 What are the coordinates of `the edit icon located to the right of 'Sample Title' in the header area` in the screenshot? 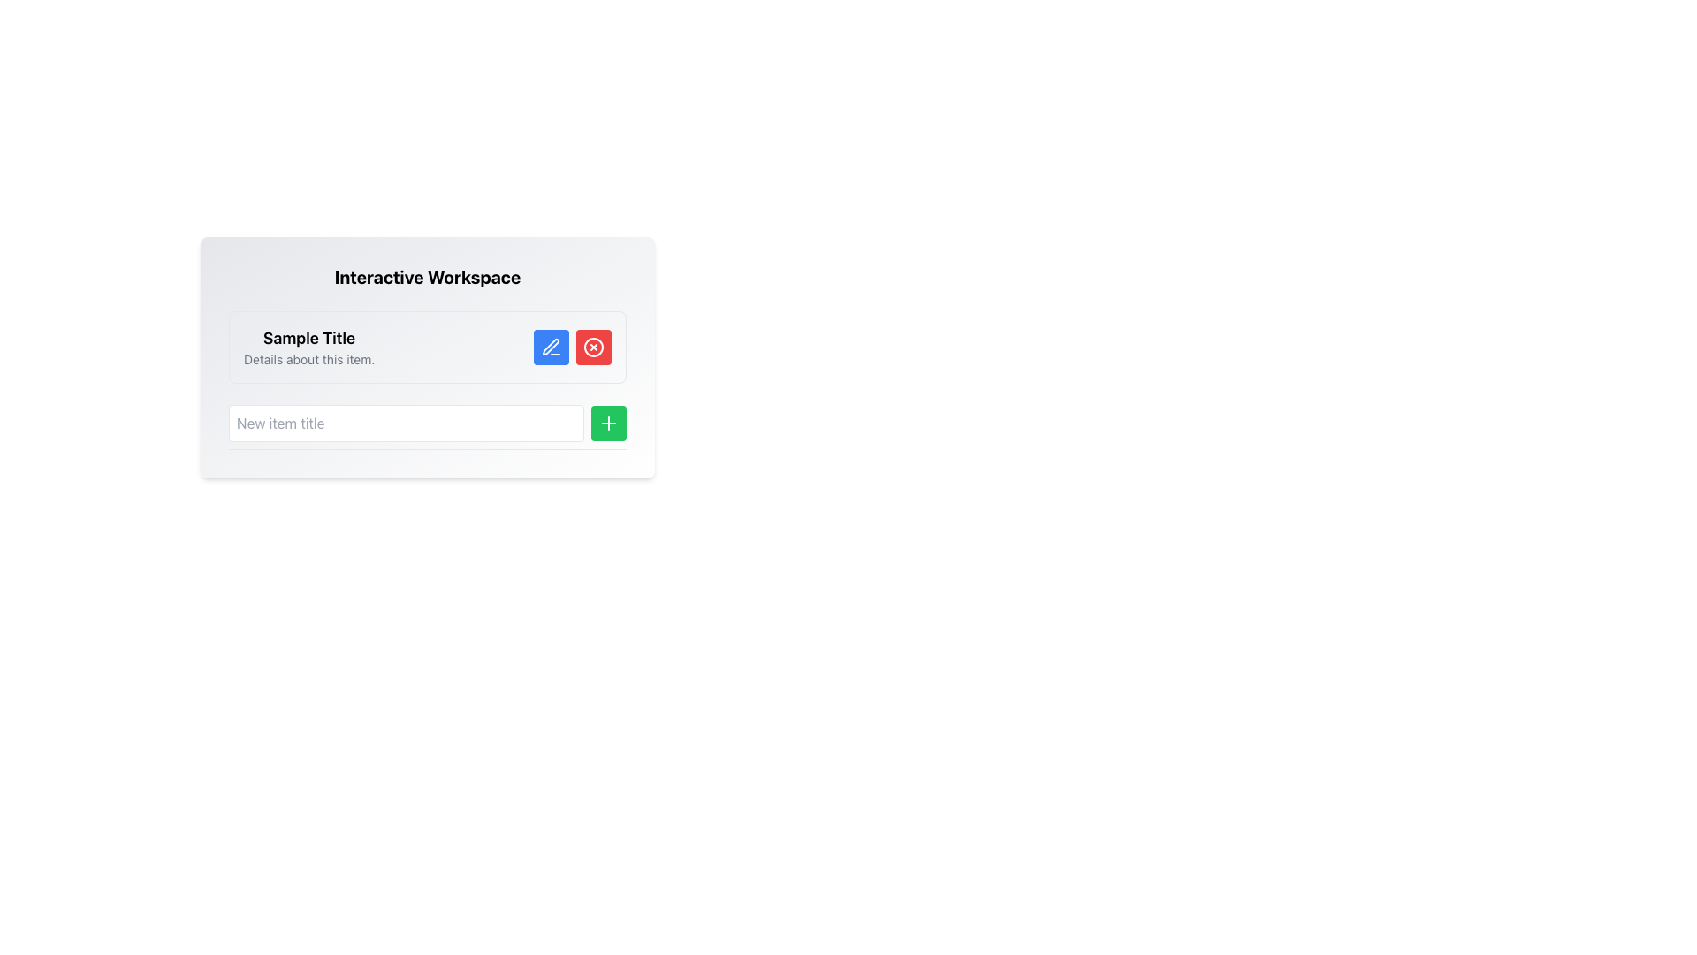 It's located at (550, 347).